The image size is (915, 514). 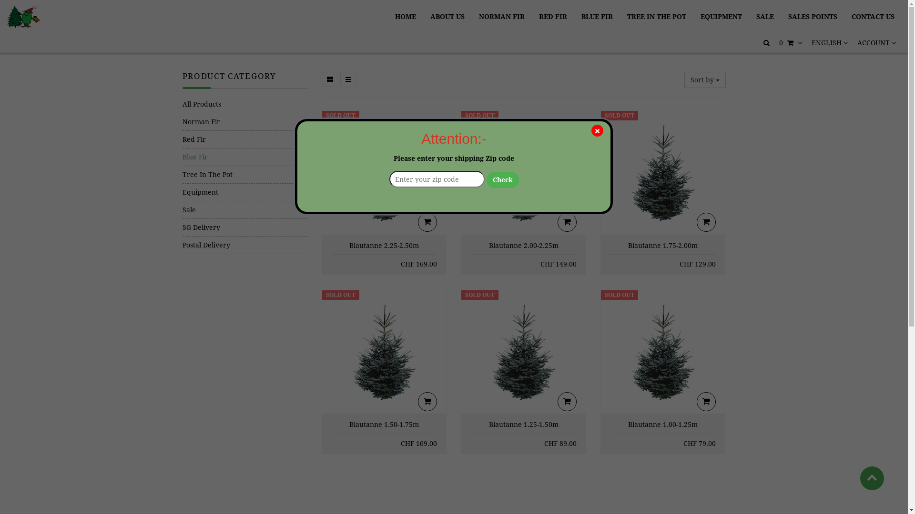 I want to click on 'Blautanne 1.25-1.50m', so click(x=523, y=424).